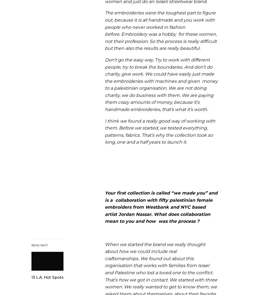  What do you see at coordinates (161, 77) in the screenshot?
I see `'And don’t do charity, give work. We could have easily just made the embroideries with machines and given  money to a palestinian organisation.'` at bounding box center [161, 77].